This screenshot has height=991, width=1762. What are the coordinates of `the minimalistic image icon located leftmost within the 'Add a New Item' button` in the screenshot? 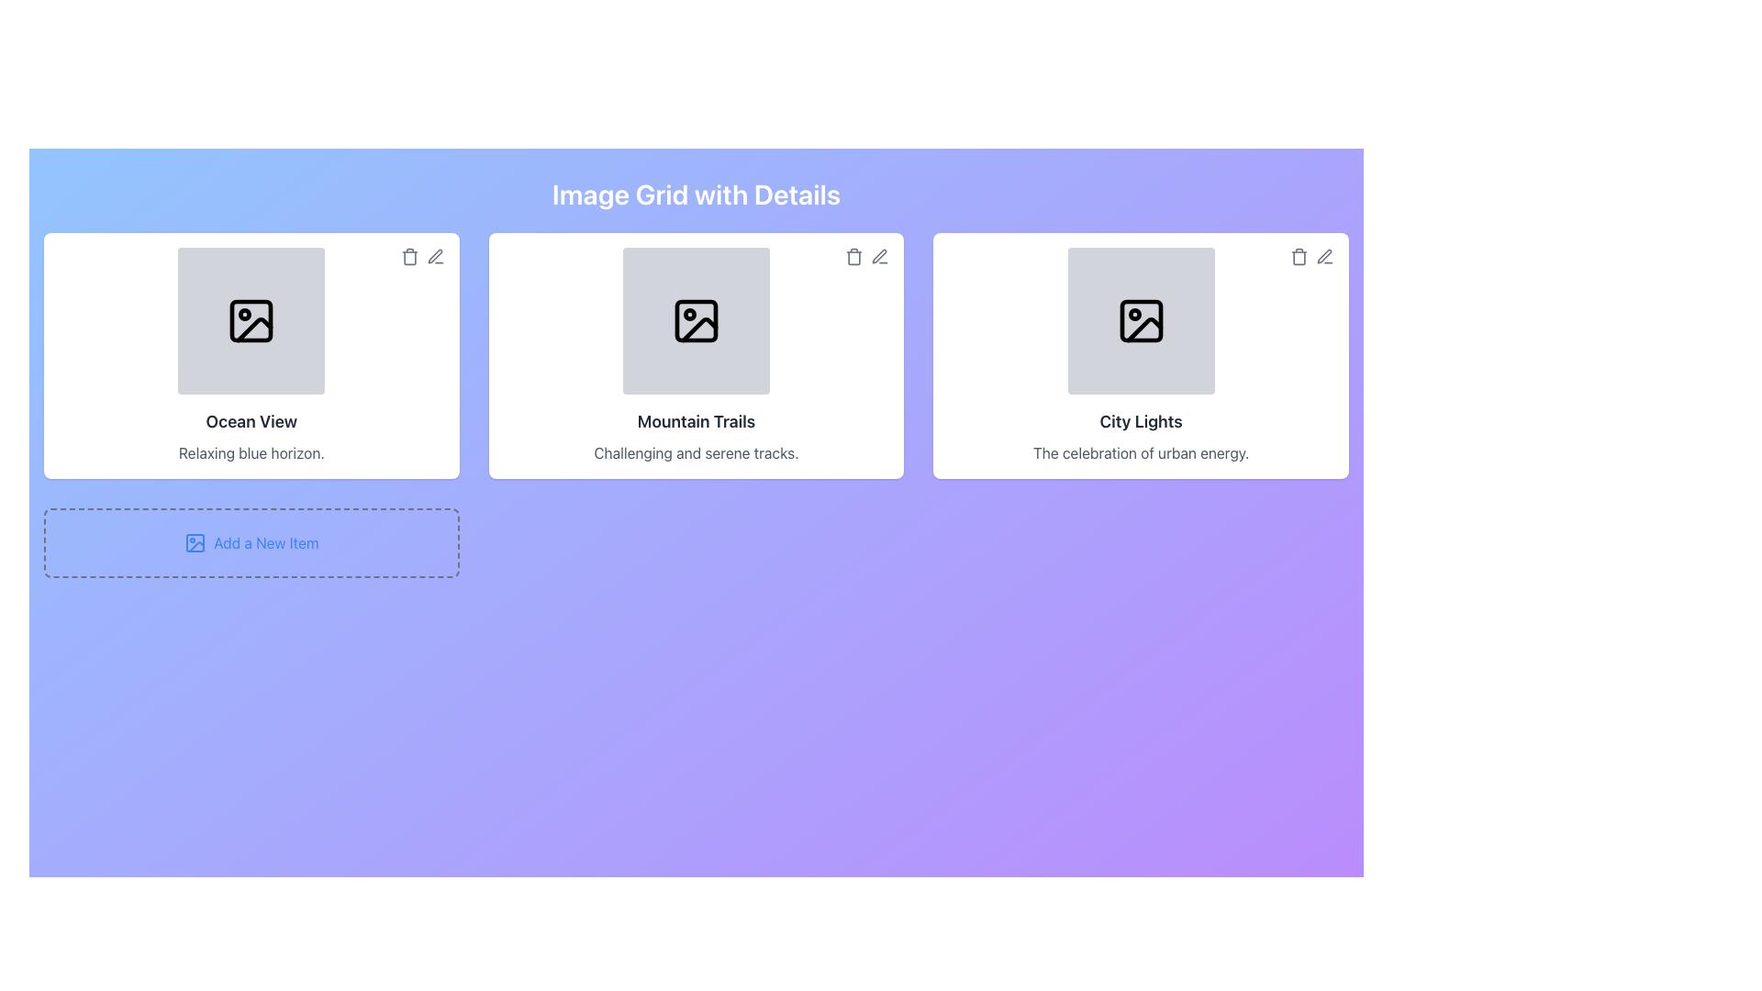 It's located at (195, 541).